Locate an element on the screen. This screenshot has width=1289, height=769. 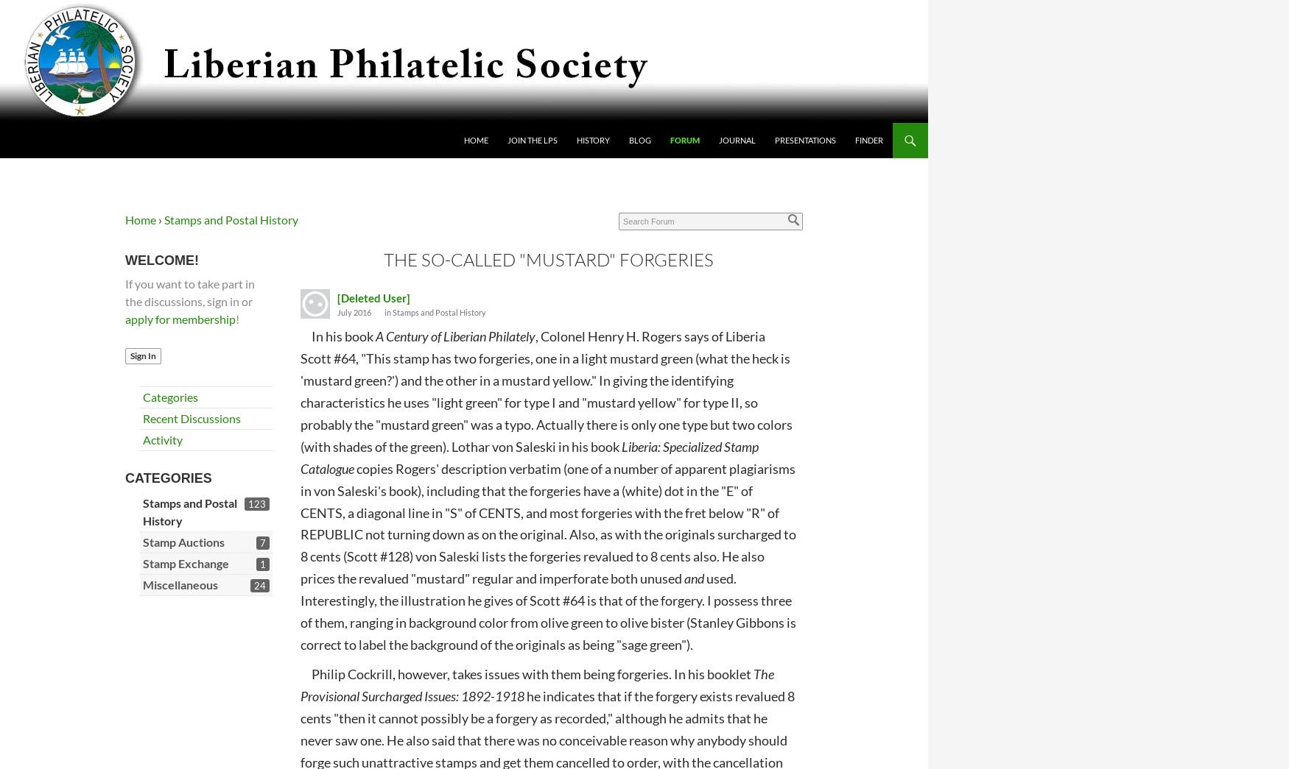
'July 2016' is located at coordinates (337, 311).